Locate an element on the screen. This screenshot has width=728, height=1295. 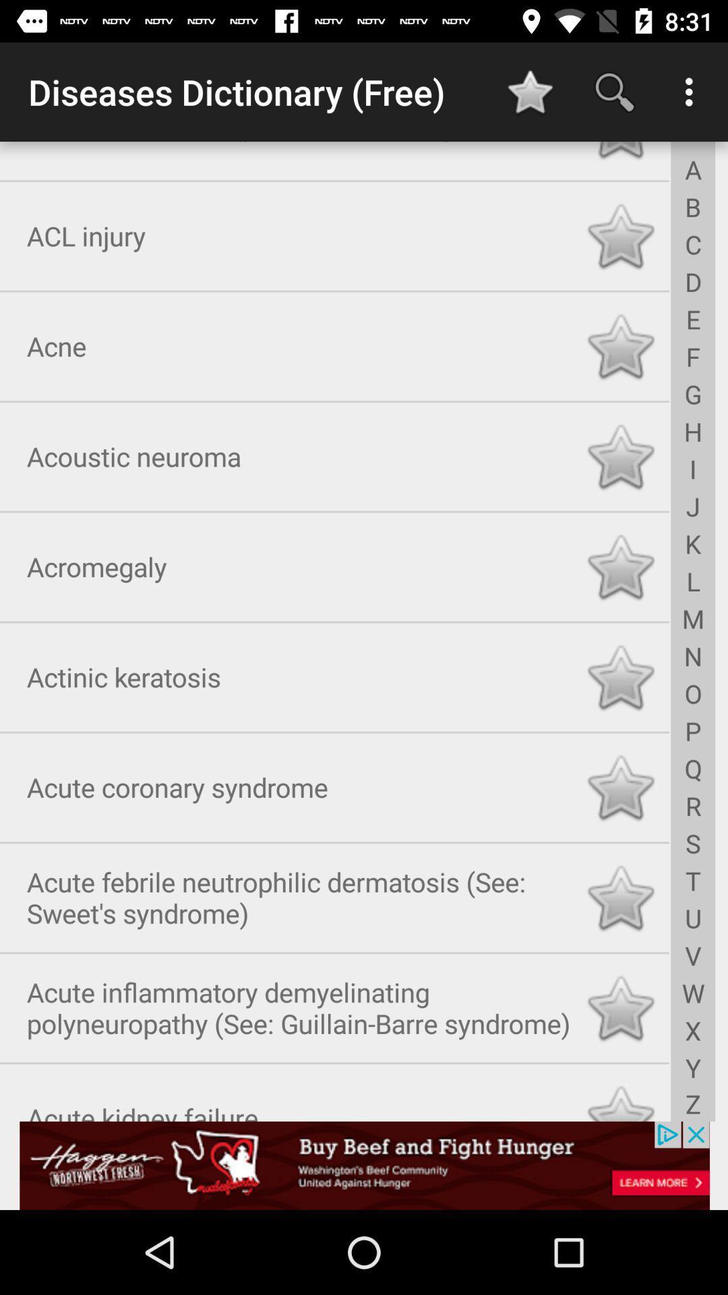
highlight the favorite is located at coordinates (620, 564).